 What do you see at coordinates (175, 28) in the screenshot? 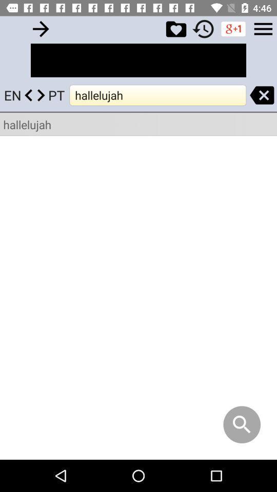
I see `the folder icon` at bounding box center [175, 28].